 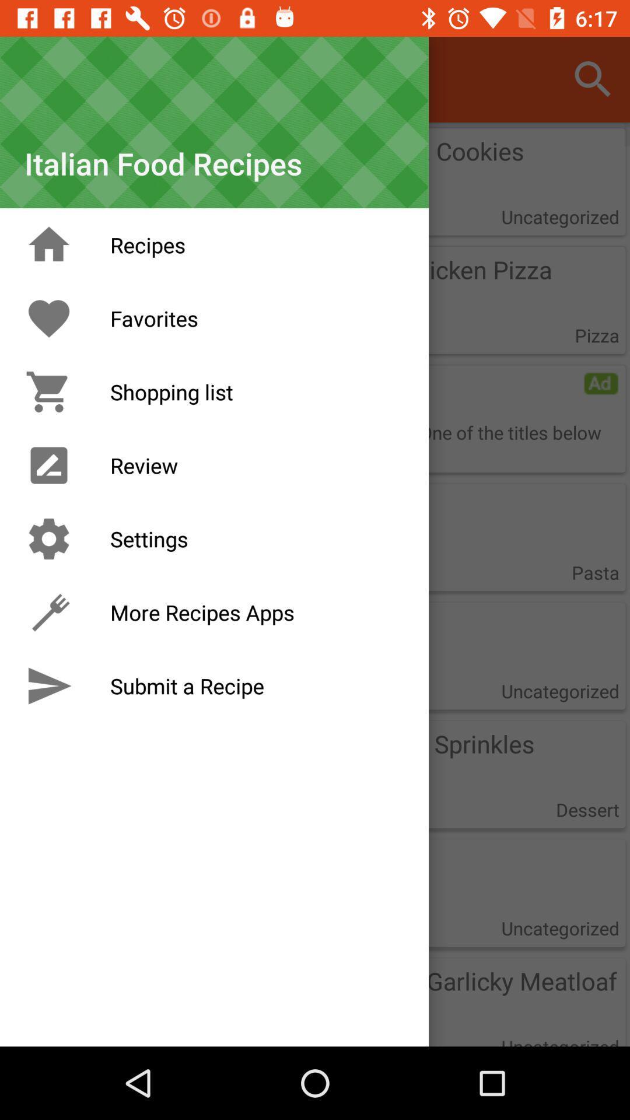 What do you see at coordinates (48, 686) in the screenshot?
I see `submit a recipe icon` at bounding box center [48, 686].